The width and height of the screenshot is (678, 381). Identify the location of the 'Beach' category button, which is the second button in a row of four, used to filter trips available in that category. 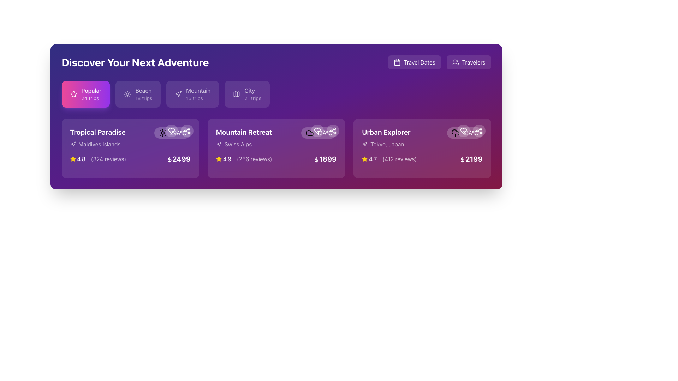
(143, 93).